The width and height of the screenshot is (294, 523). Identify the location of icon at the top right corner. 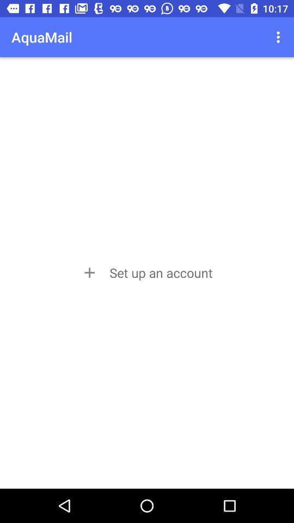
(279, 37).